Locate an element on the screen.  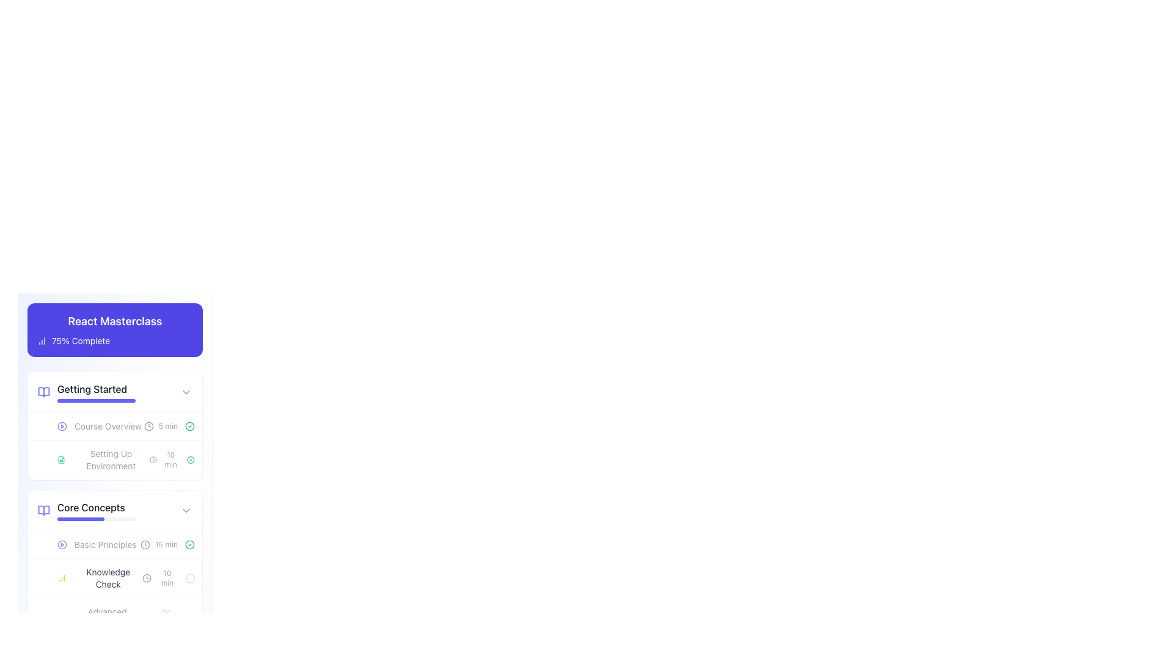
the open book icon colored in light indigo located in the sidebar card labeled 'Core Concepts', positioned to the left of the 'Core Concepts' text label is located at coordinates (44, 511).